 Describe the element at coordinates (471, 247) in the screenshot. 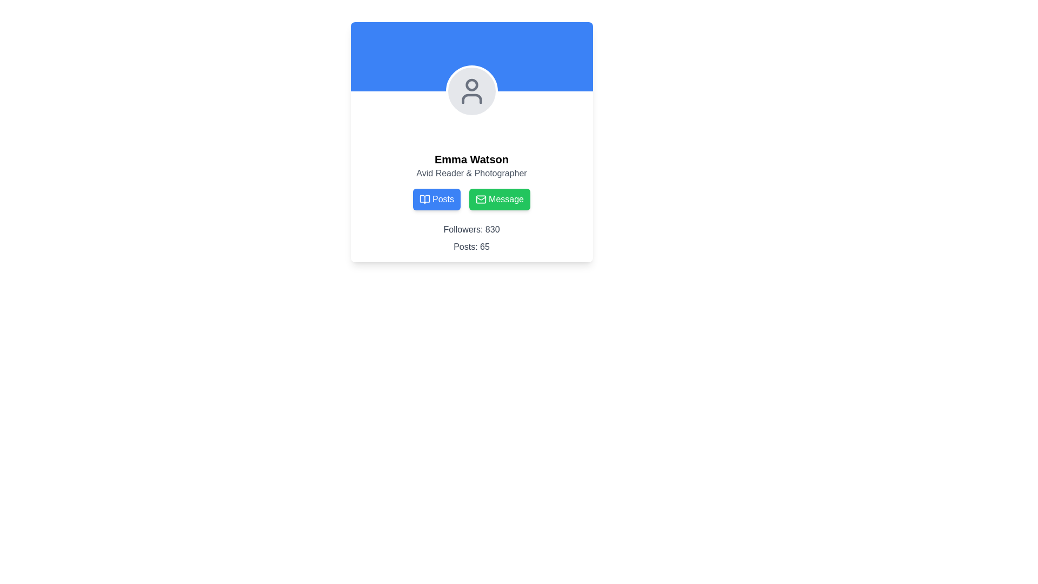

I see `the text element that displays the count of posts associated with the user's profile, which is located under the 'Followers: 830' text` at that location.